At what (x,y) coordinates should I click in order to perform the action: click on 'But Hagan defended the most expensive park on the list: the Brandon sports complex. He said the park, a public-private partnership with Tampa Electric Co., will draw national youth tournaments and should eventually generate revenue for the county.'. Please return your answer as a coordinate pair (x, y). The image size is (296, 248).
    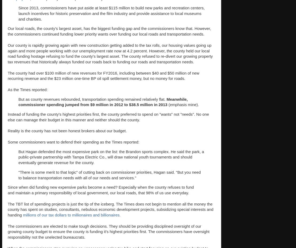
    Looking at the image, I should click on (111, 157).